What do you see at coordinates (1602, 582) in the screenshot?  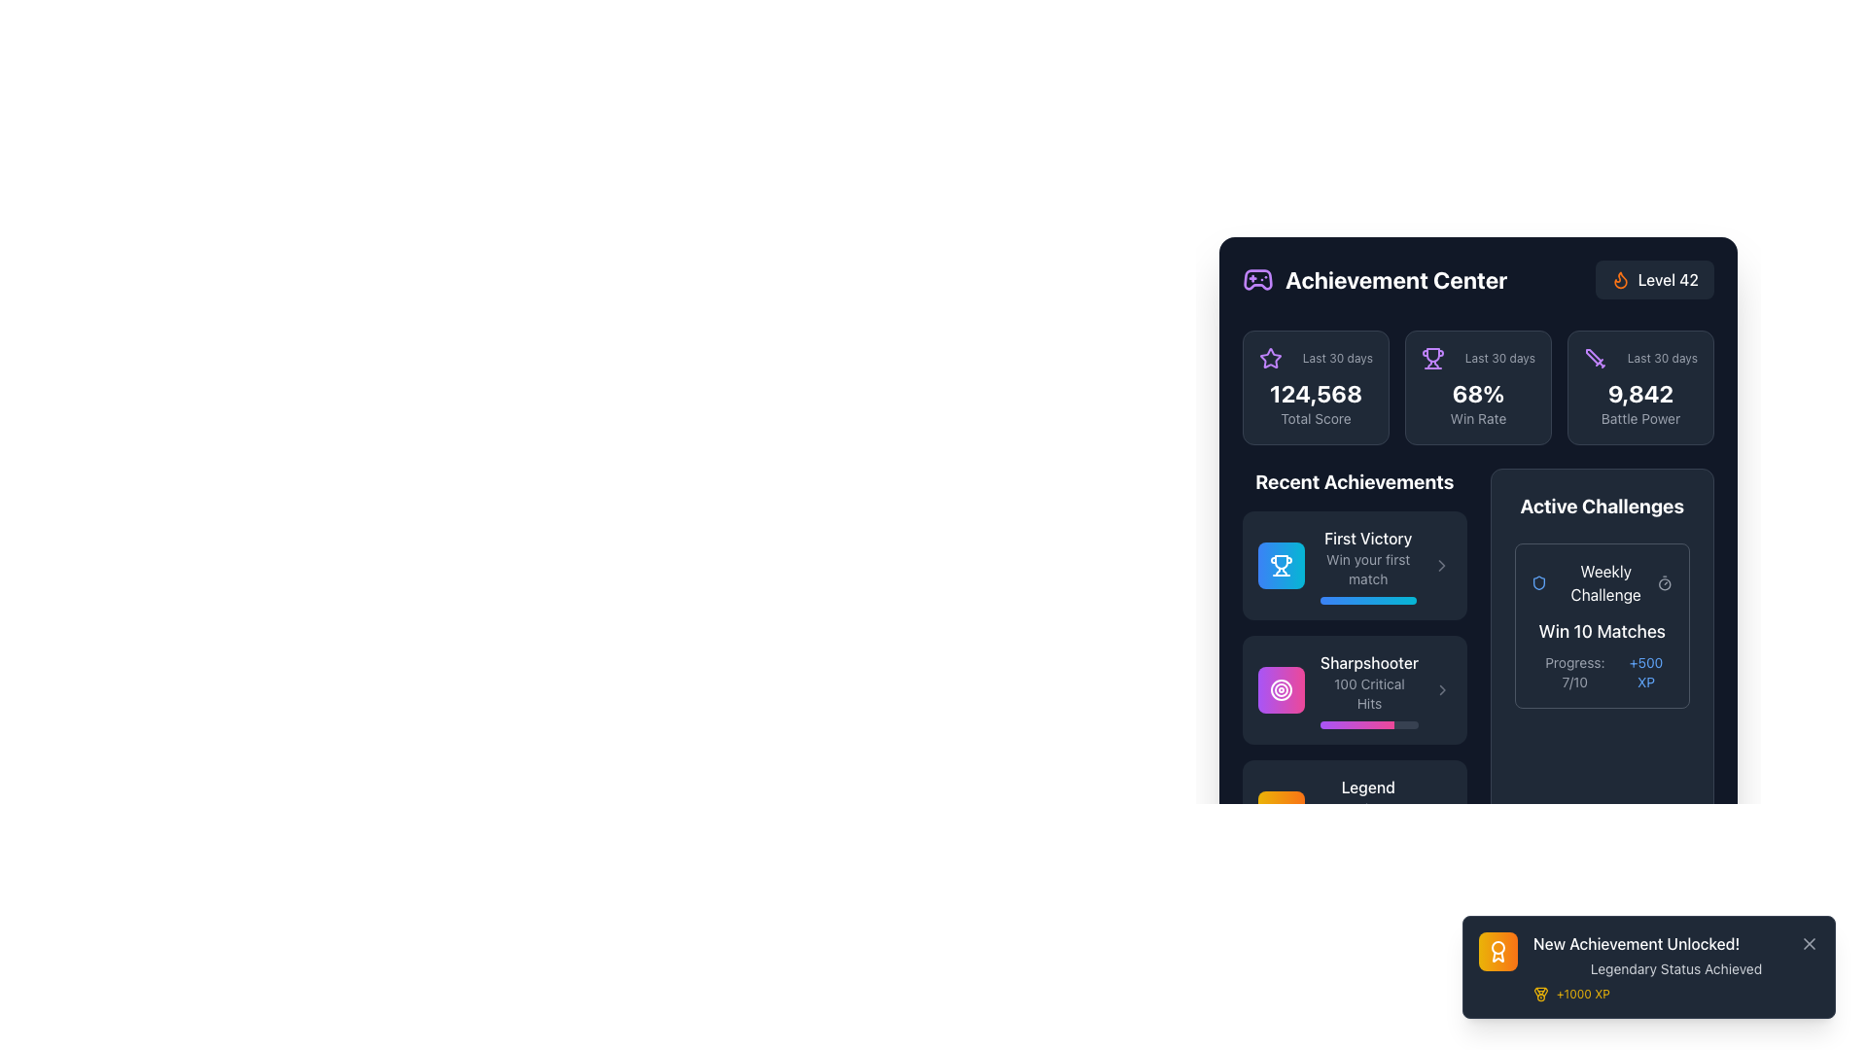 I see `the text label indicating the title of the active challenge, which is part of the first challenge card in the 'Active Challenges' section on the right side of the interface` at bounding box center [1602, 582].